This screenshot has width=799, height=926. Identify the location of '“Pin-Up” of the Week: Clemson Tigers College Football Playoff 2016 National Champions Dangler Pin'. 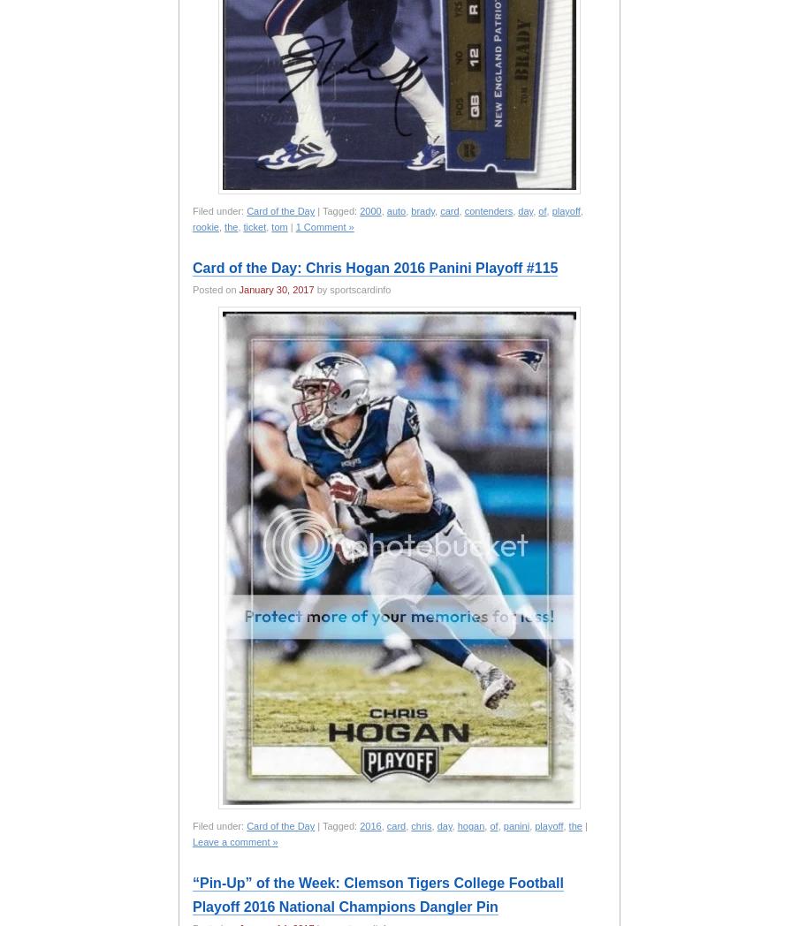
(377, 894).